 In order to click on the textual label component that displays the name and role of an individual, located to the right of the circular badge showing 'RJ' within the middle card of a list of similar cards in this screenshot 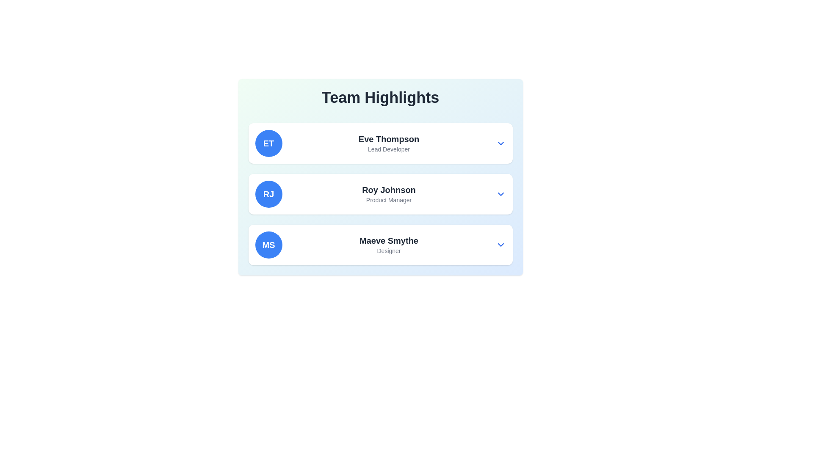, I will do `click(388, 194)`.